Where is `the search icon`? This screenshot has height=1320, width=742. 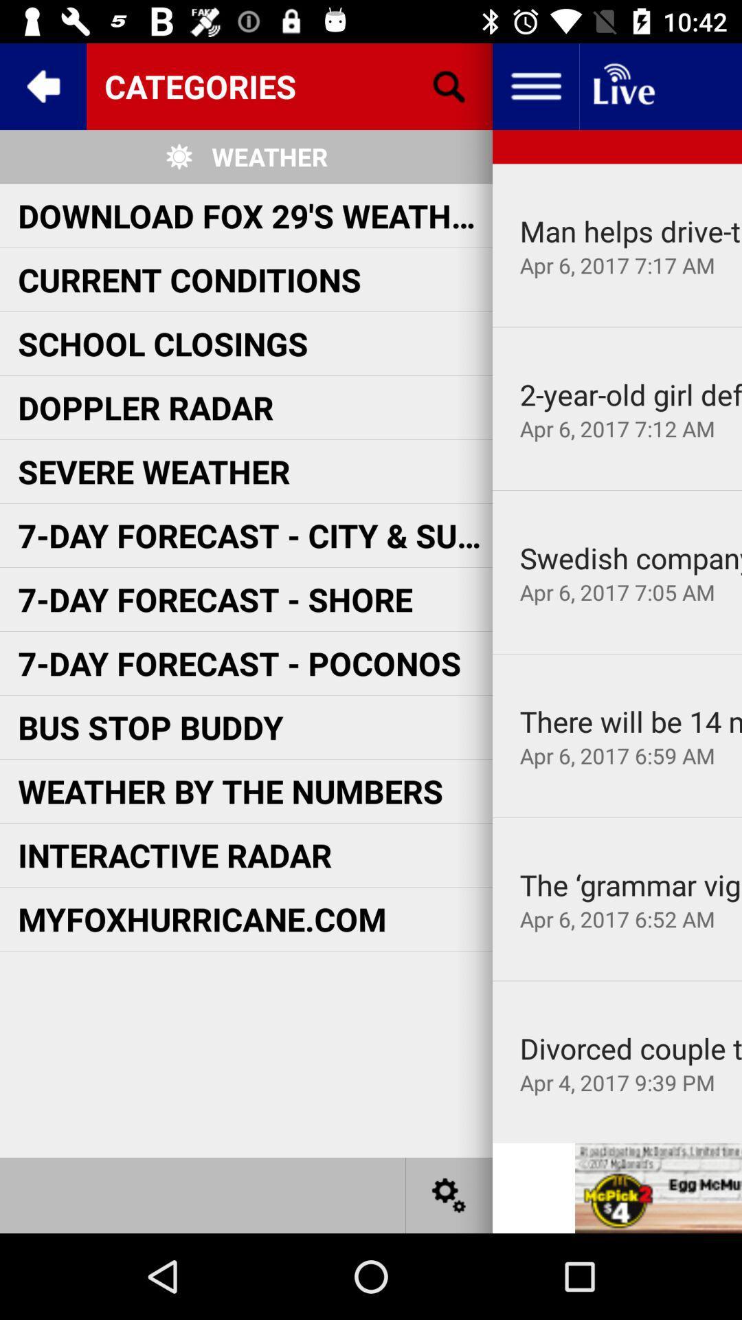 the search icon is located at coordinates (449, 85).